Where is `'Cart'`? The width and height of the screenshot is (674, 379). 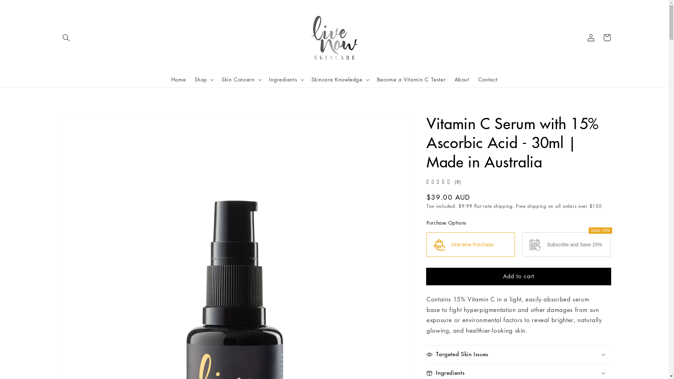 'Cart' is located at coordinates (598, 38).